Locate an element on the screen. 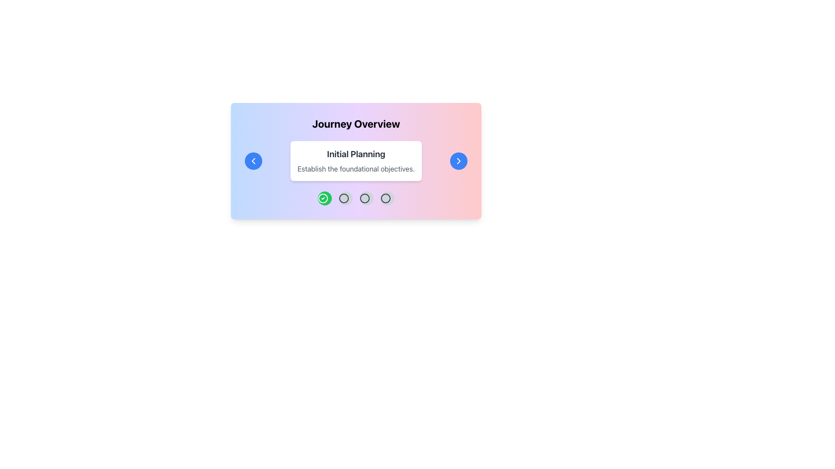  the leftmost circular icon representing a completed state in the horizontal row of icons below the main text area of the card is located at coordinates (323, 198).